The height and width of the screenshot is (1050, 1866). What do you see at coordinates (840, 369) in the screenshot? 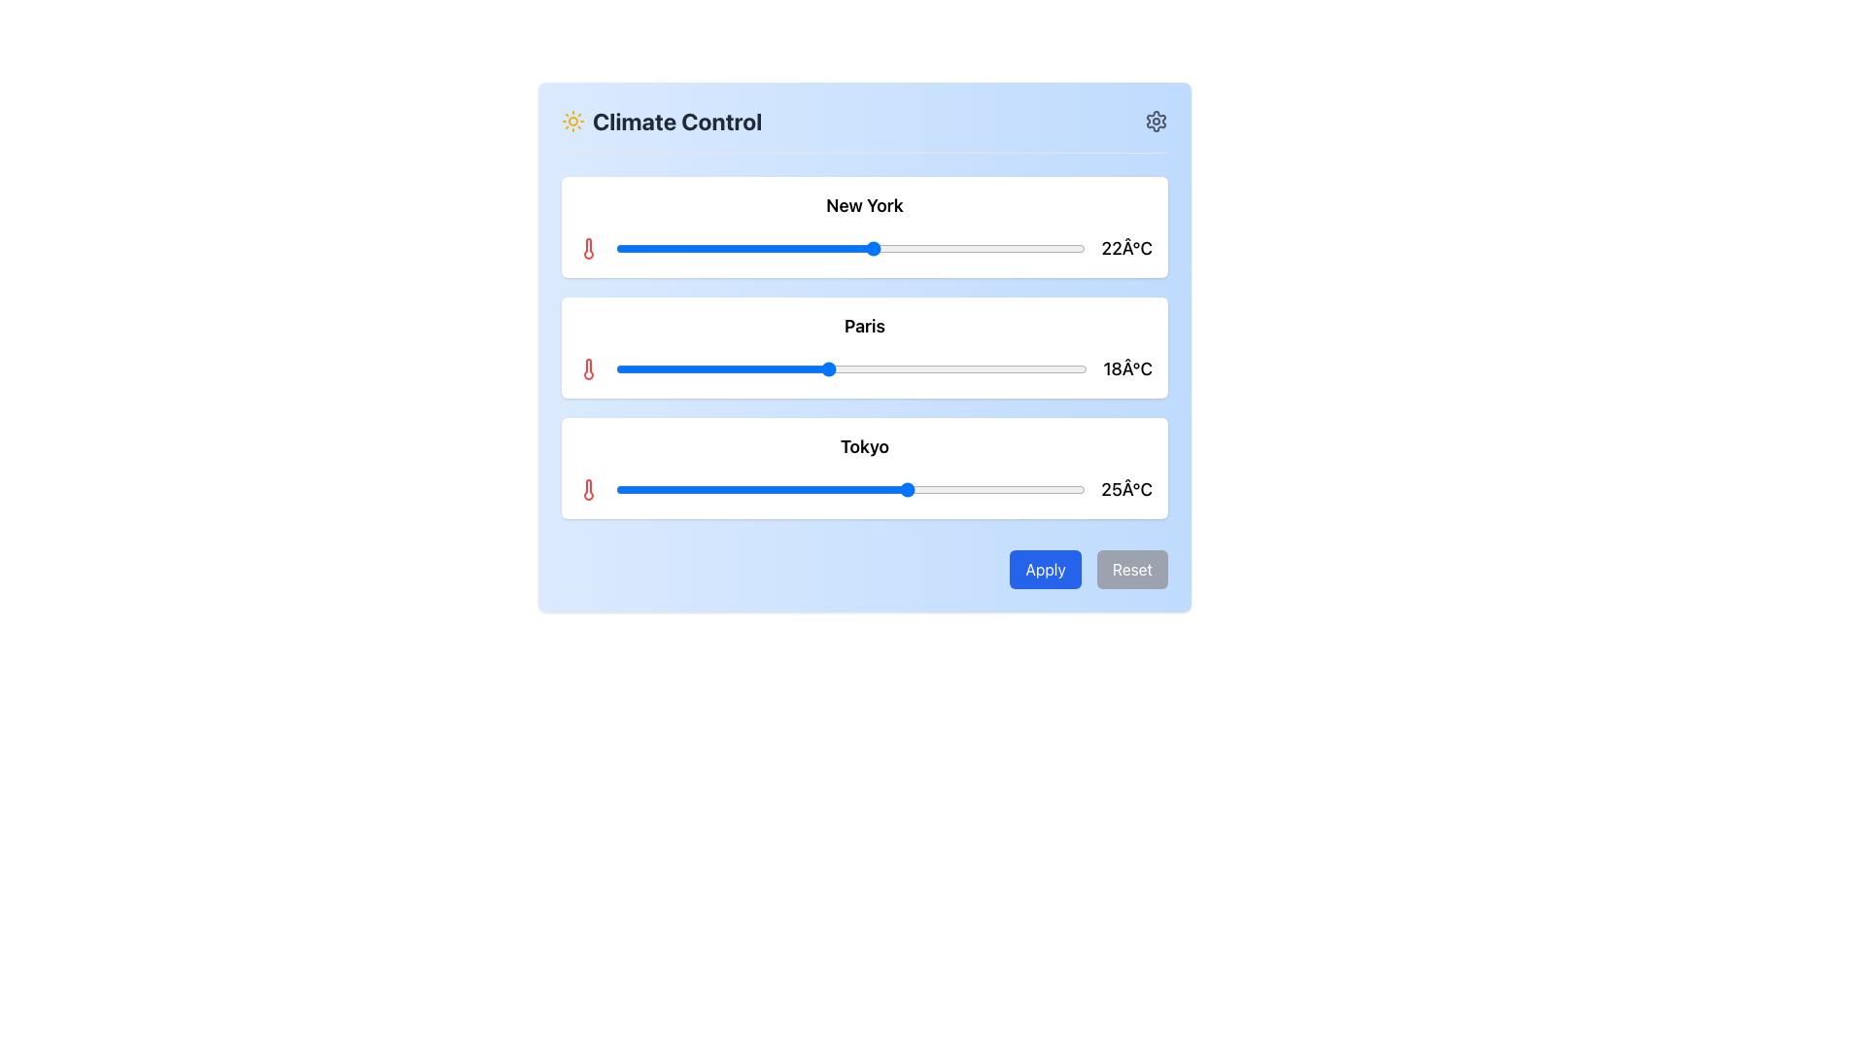
I see `the Paris temperature slider` at bounding box center [840, 369].